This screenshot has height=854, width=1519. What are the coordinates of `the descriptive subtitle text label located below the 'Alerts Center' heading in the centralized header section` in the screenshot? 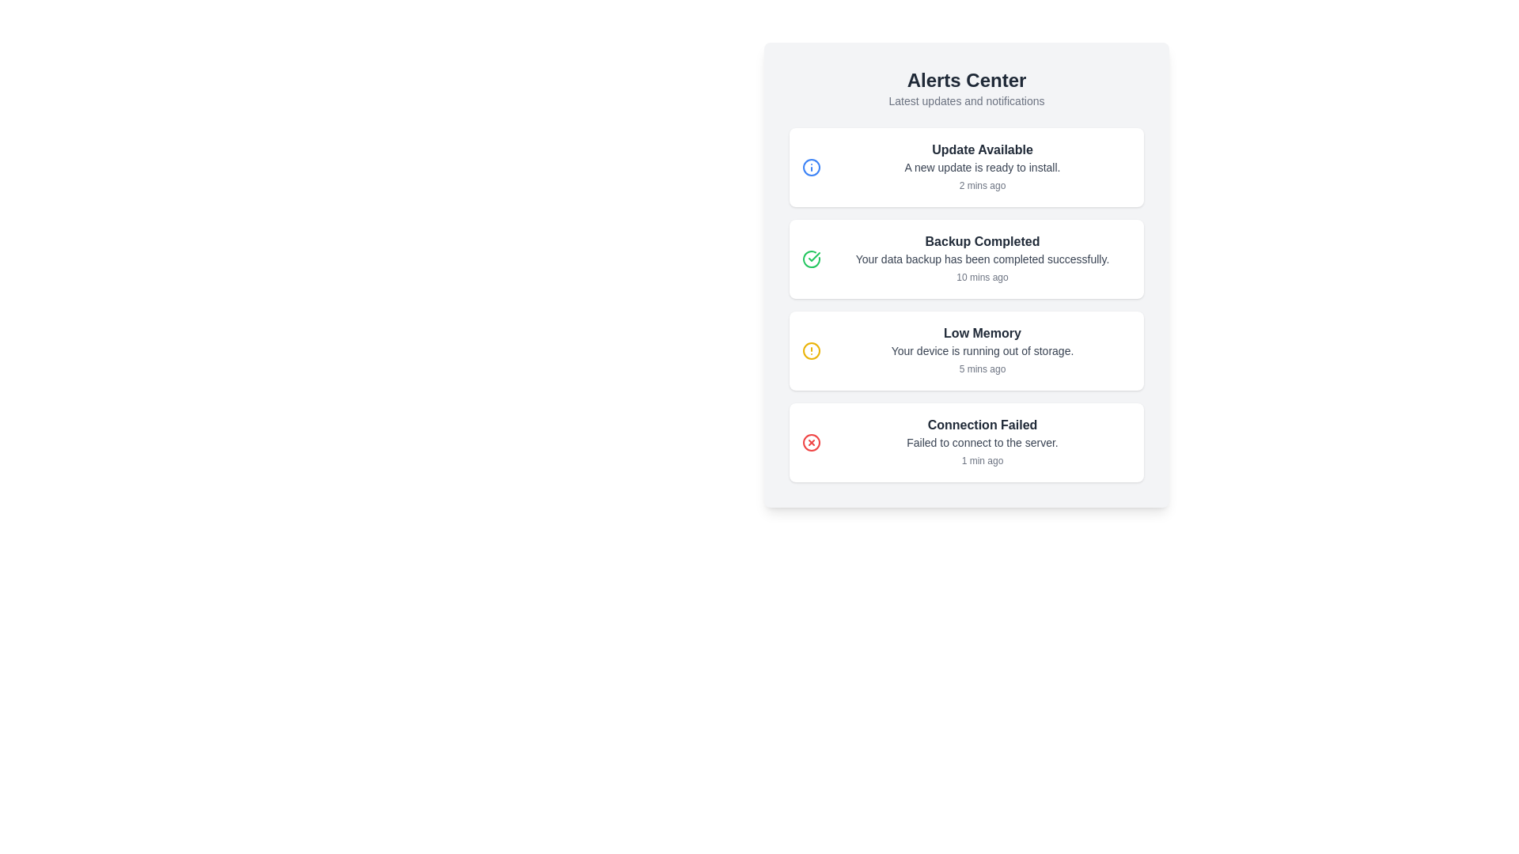 It's located at (966, 100).